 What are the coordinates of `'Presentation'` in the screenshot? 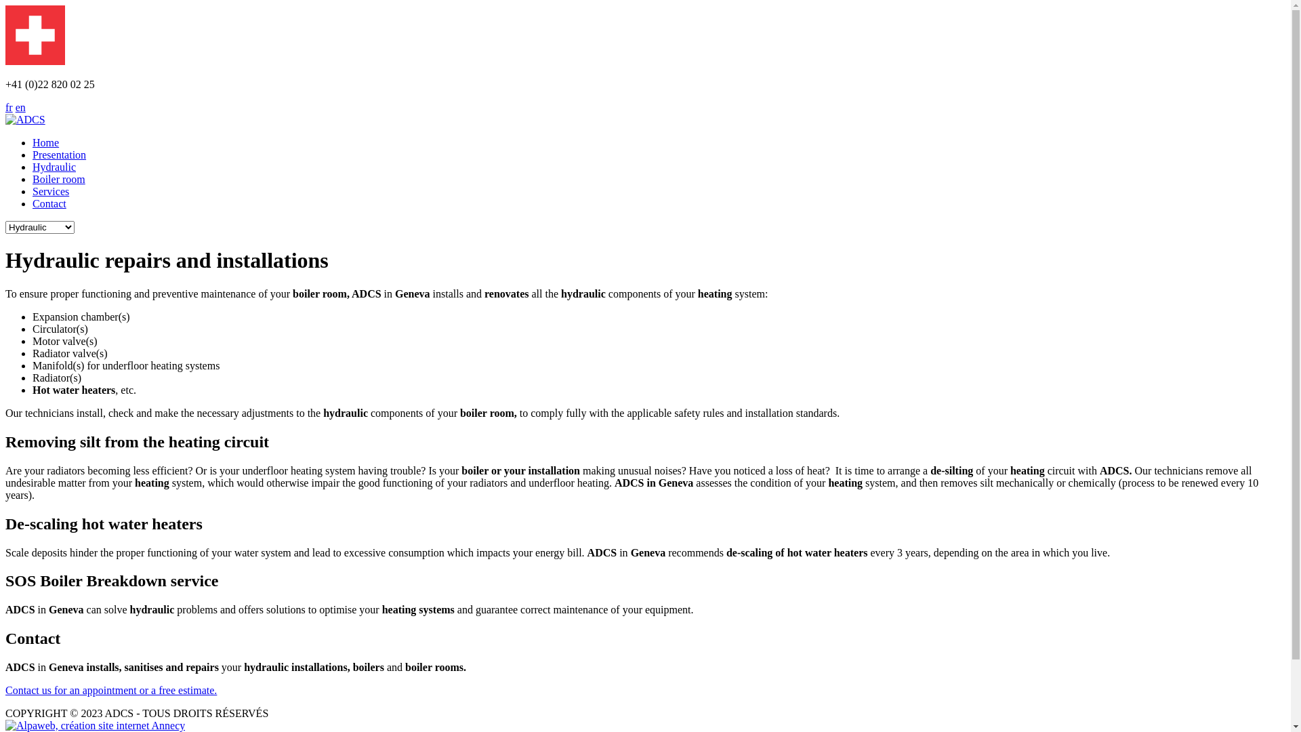 It's located at (58, 154).